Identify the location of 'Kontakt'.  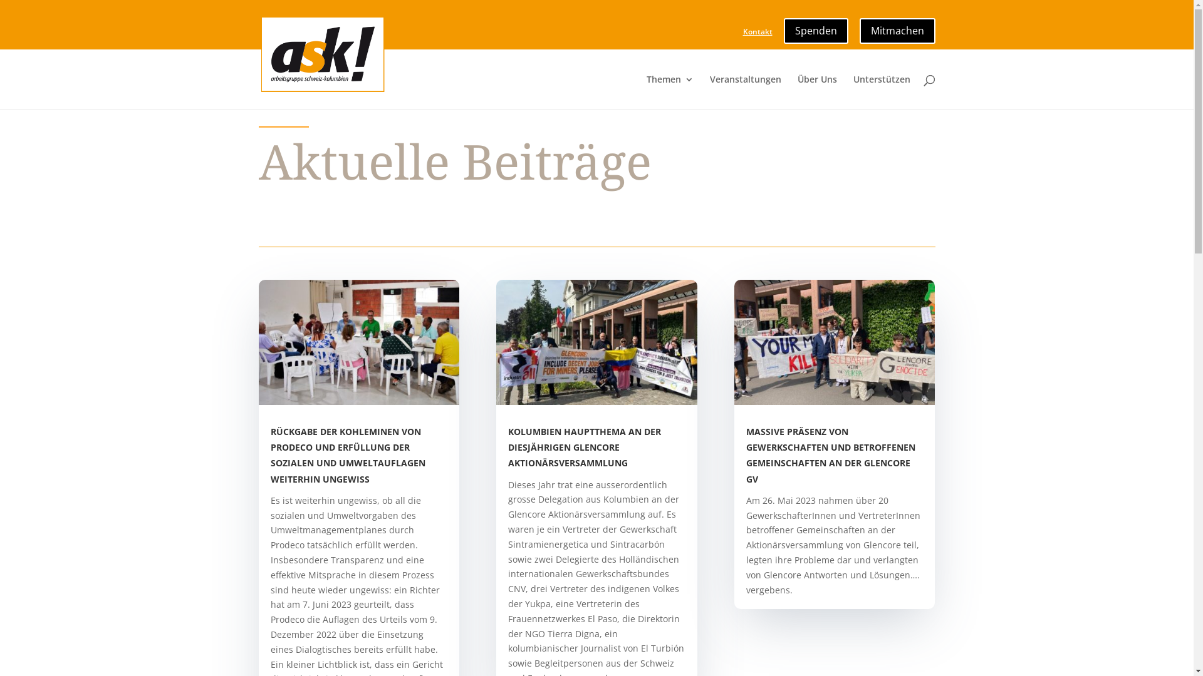
(757, 34).